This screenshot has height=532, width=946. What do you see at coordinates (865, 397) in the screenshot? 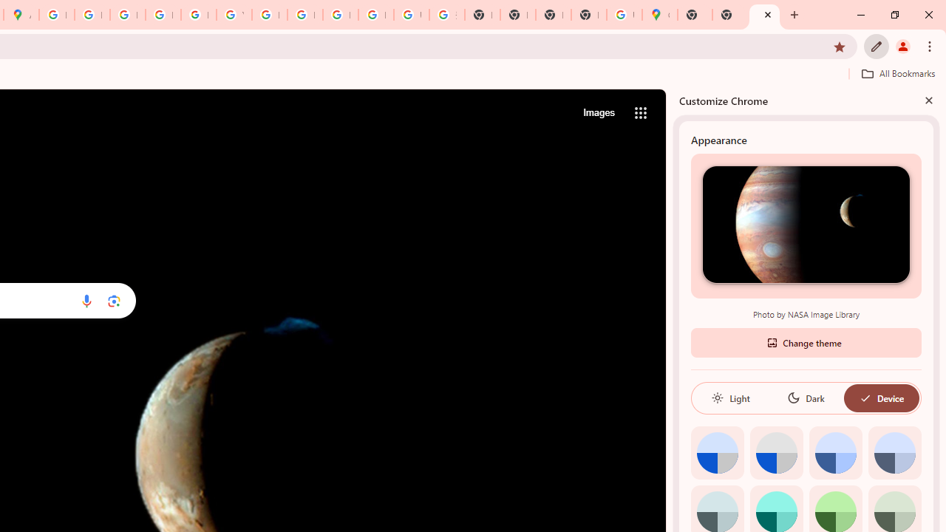
I see `'AutomationID: baseSvg'` at bounding box center [865, 397].